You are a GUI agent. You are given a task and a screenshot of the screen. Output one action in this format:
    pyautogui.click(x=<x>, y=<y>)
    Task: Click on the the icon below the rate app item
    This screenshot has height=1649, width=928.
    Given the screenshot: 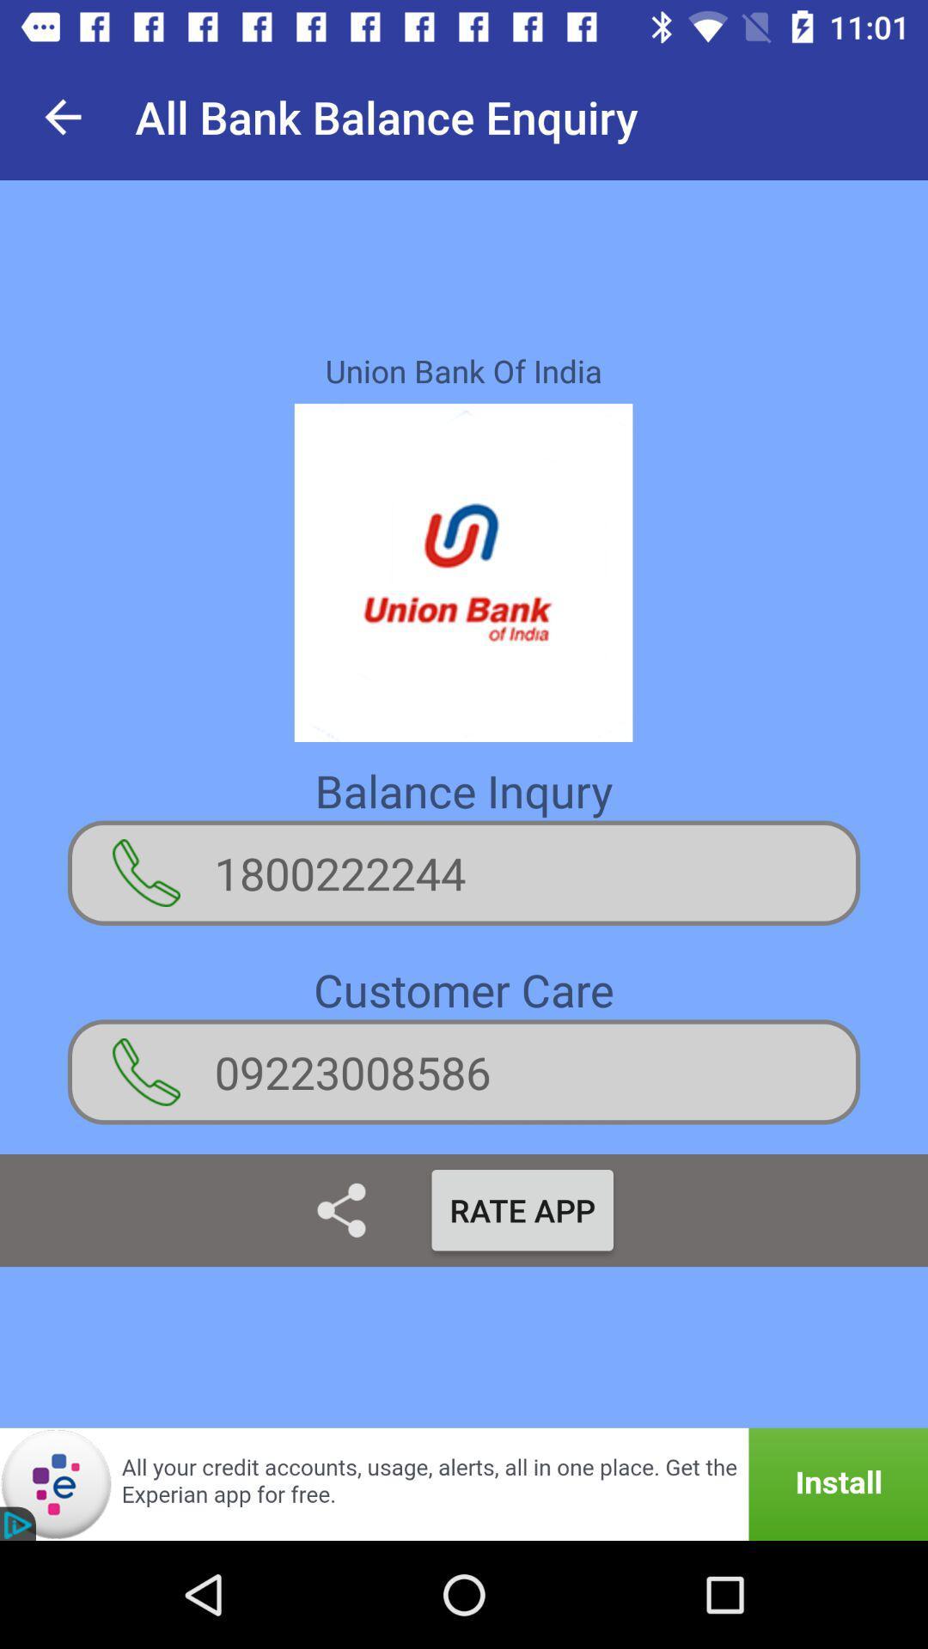 What is the action you would take?
    pyautogui.click(x=464, y=1483)
    